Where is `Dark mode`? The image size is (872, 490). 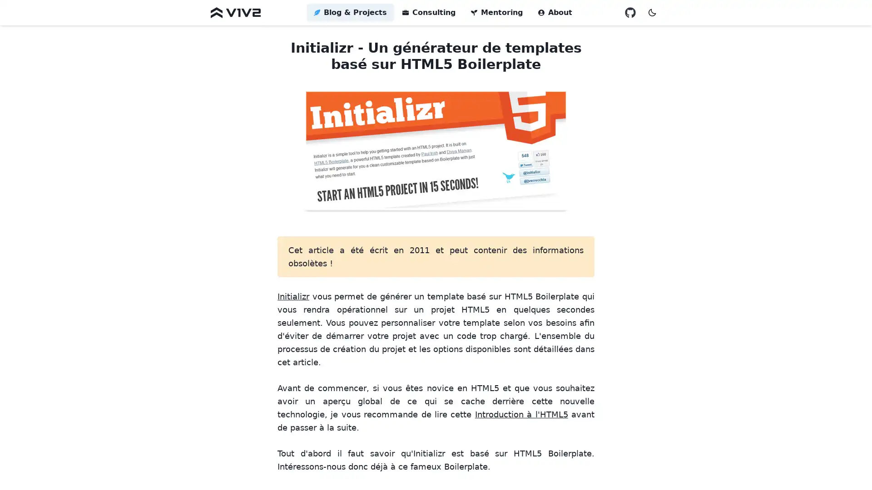
Dark mode is located at coordinates (651, 12).